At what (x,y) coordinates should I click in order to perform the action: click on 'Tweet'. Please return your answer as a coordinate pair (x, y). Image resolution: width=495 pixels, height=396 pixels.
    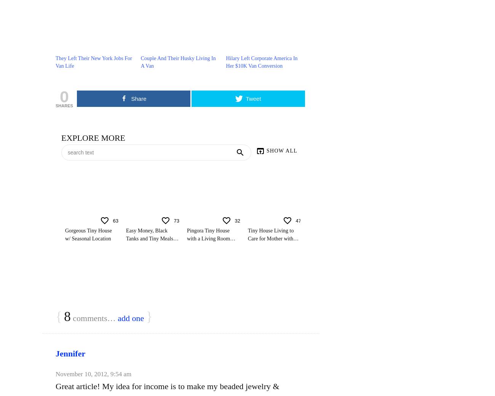
    Looking at the image, I should click on (246, 98).